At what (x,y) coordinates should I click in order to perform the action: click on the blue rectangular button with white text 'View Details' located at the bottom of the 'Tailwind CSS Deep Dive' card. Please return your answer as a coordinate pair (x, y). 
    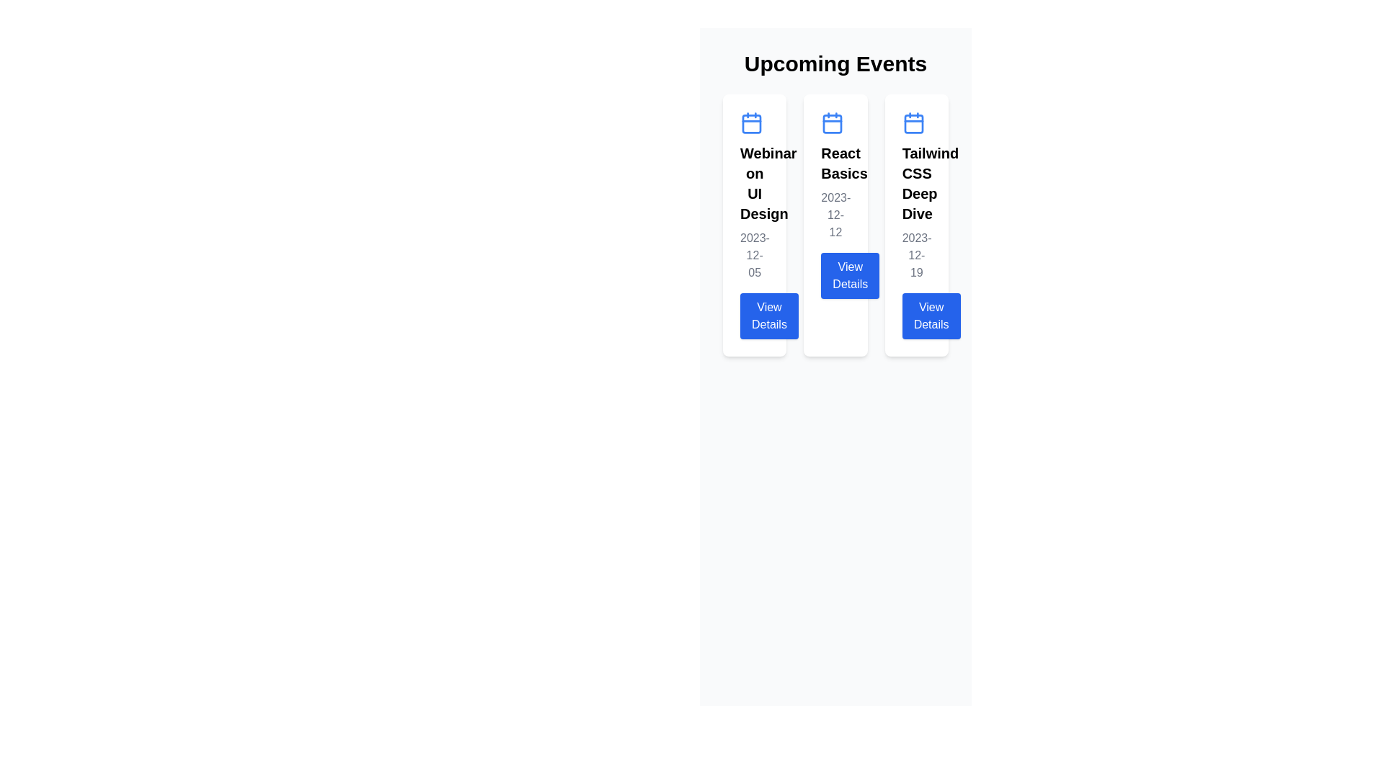
    Looking at the image, I should click on (931, 316).